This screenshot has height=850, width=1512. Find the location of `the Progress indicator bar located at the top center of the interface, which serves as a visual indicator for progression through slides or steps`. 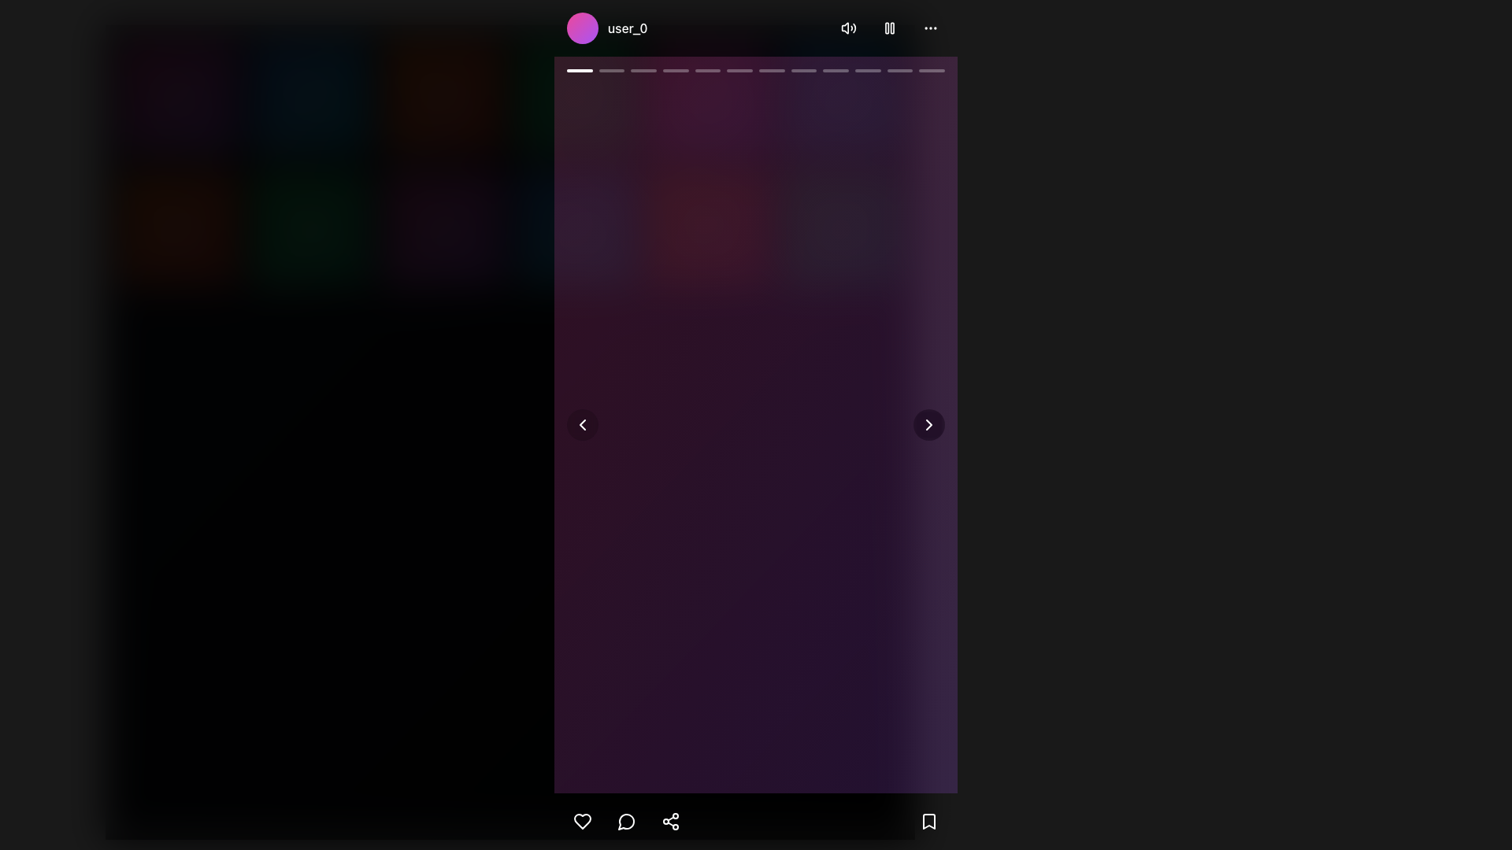

the Progress indicator bar located at the top center of the interface, which serves as a visual indicator for progression through slides or steps is located at coordinates (756, 69).